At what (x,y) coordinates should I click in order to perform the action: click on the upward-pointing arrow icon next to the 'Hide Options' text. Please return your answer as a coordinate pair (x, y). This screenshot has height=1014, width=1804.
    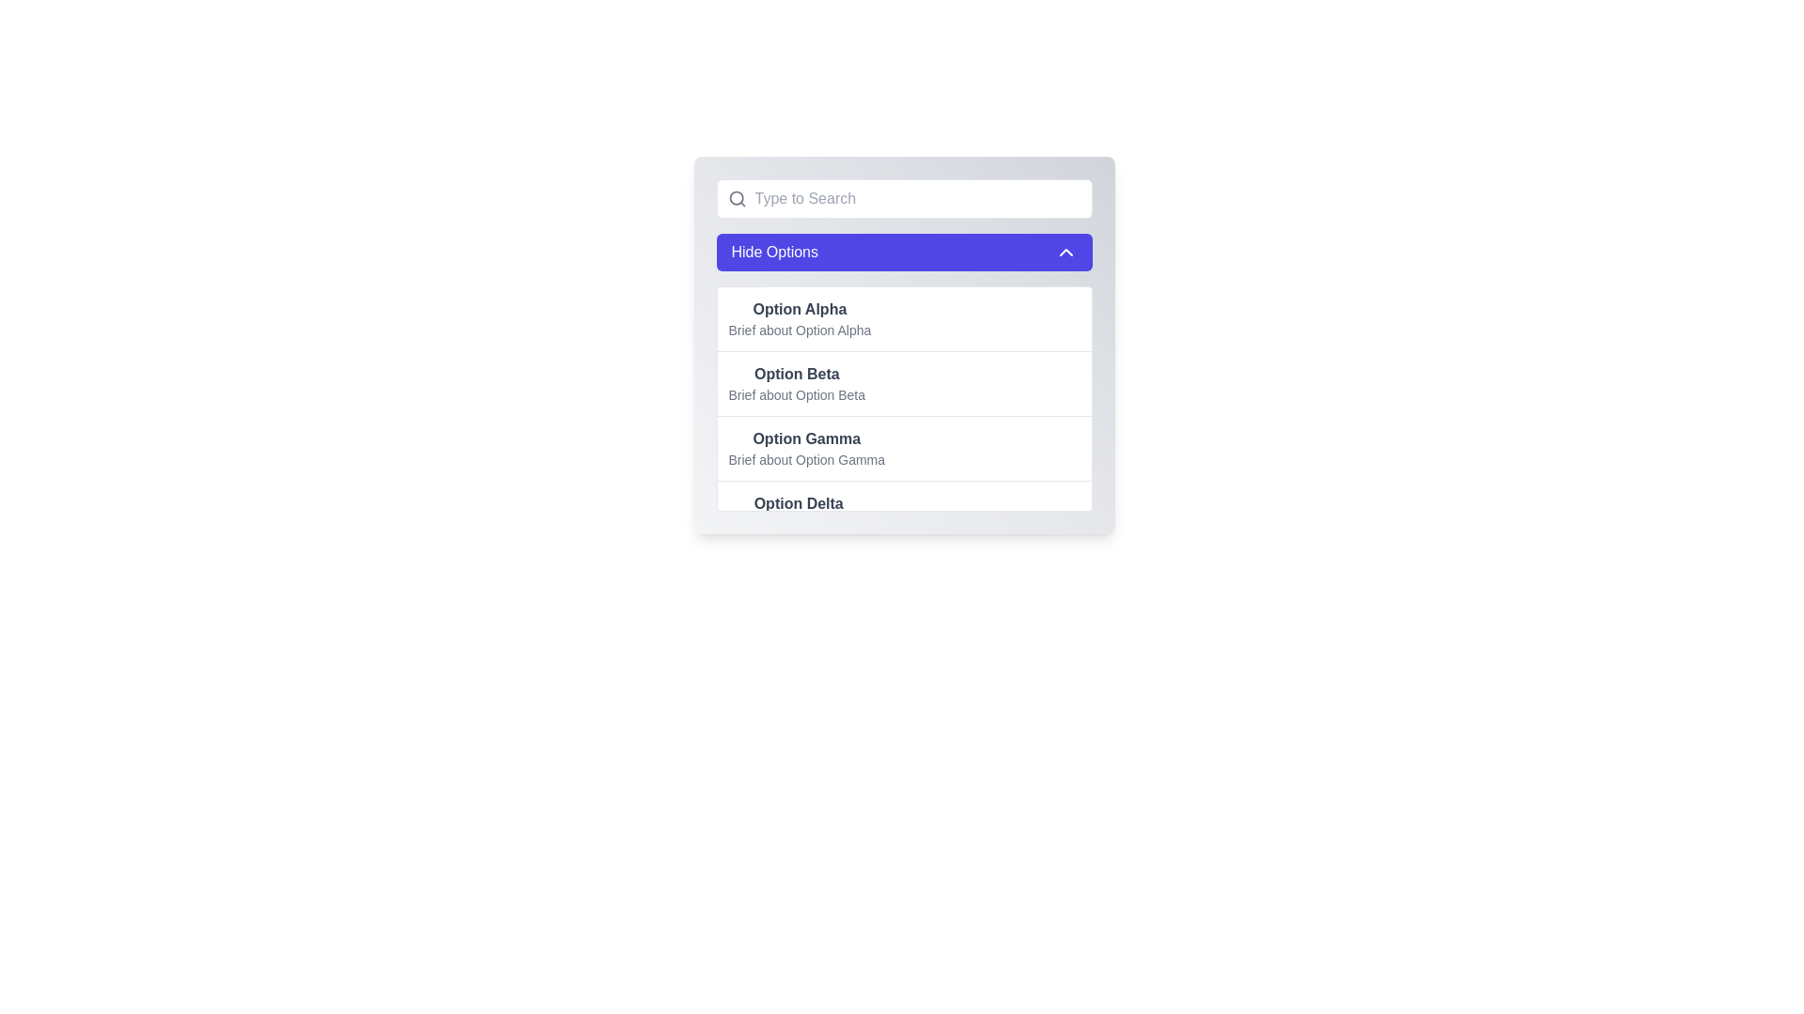
    Looking at the image, I should click on (1065, 252).